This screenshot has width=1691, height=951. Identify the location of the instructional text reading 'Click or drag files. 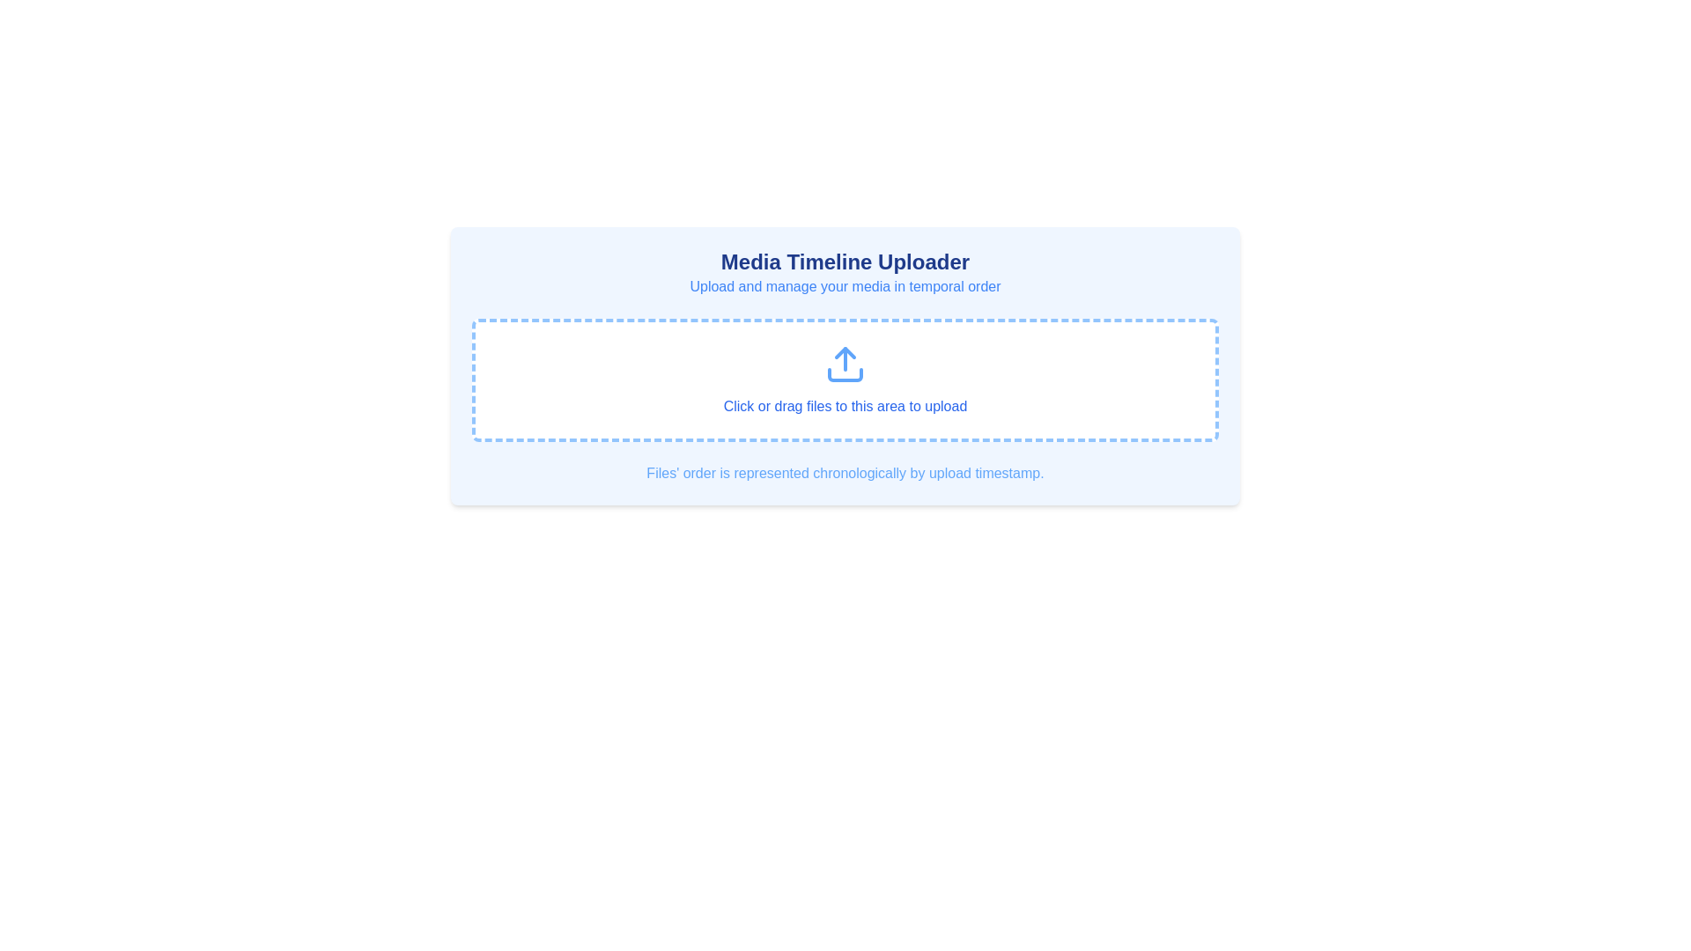
(845, 407).